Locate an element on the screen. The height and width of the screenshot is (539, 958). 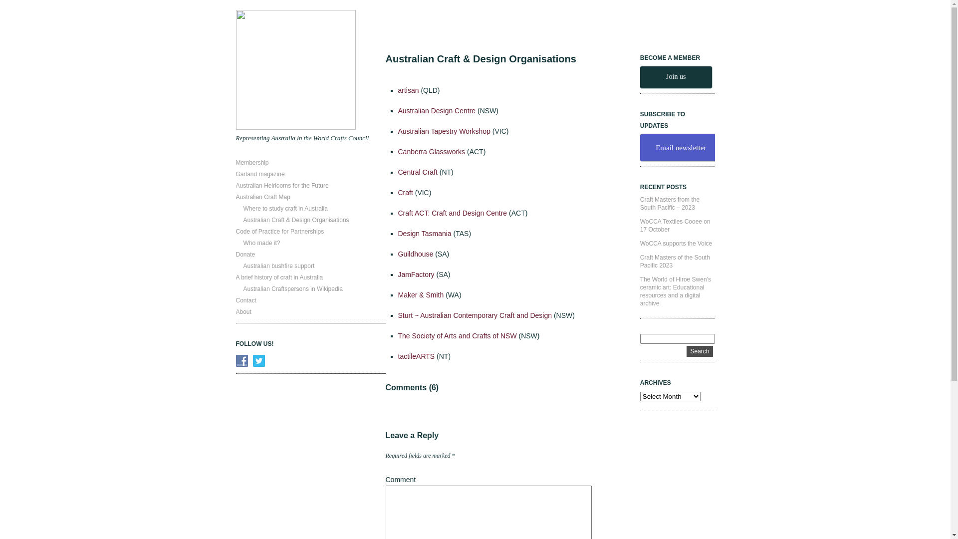
'tactileARTS' is located at coordinates (417, 355).